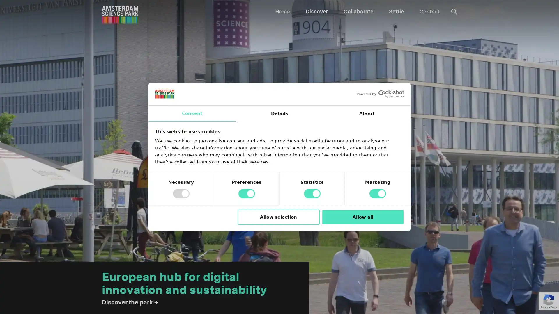 This screenshot has width=559, height=314. What do you see at coordinates (278, 217) in the screenshot?
I see `Allow selection` at bounding box center [278, 217].